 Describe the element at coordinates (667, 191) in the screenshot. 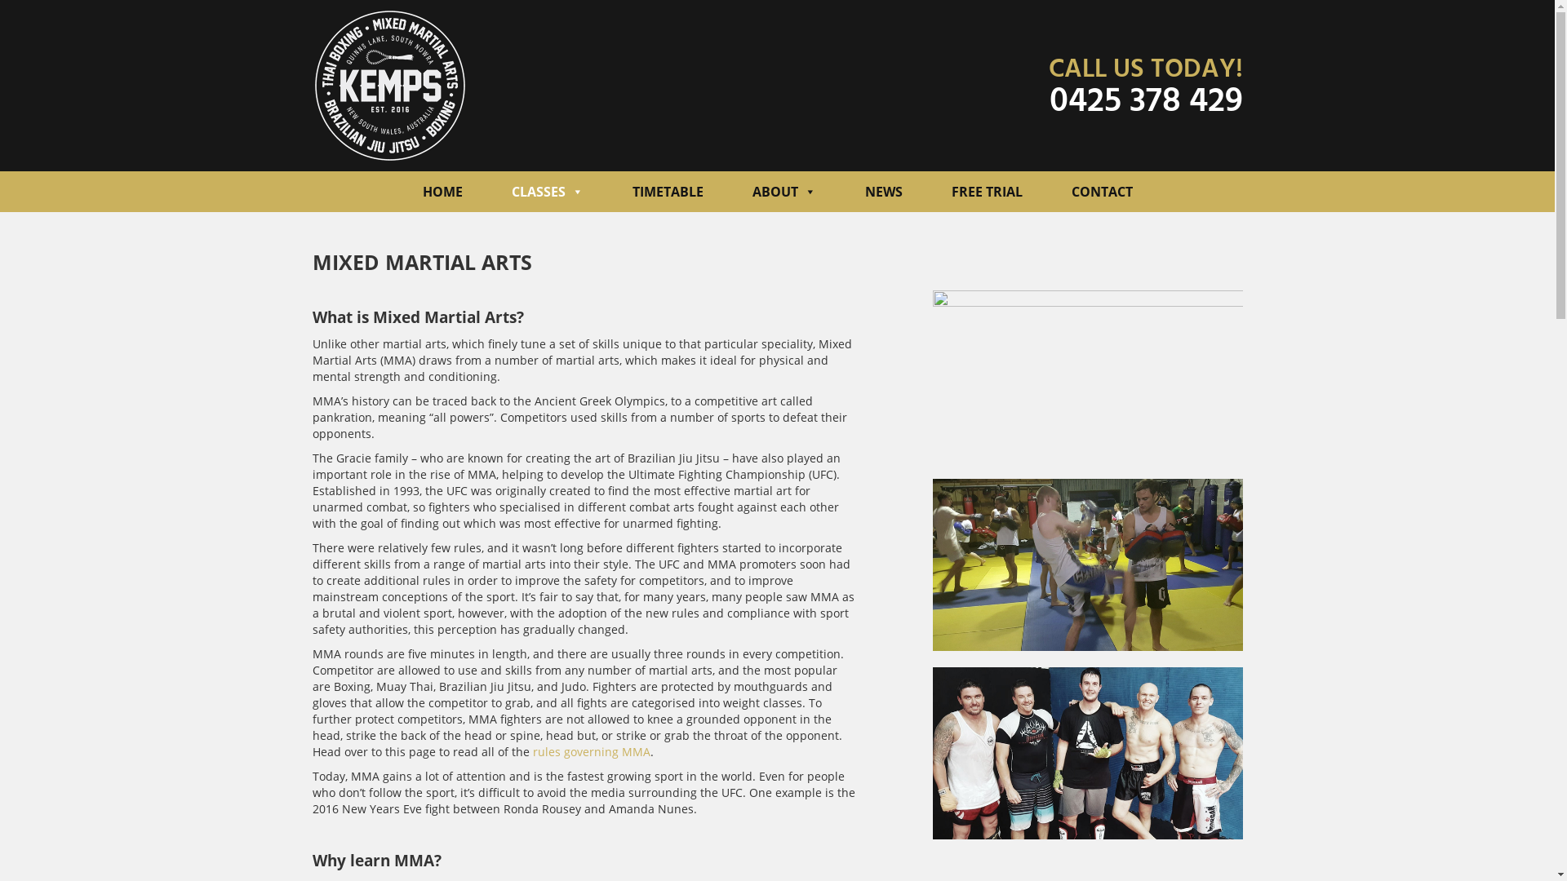

I see `'TIMETABLE'` at that location.